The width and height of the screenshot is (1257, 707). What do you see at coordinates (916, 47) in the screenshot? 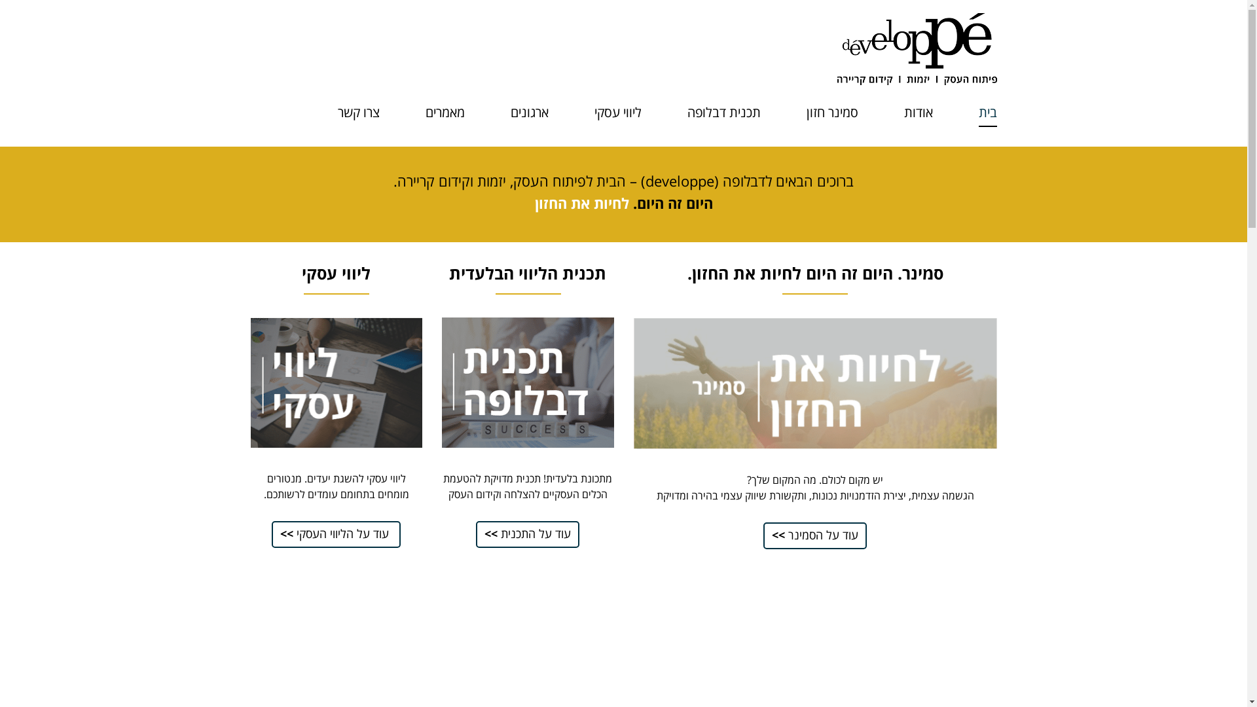
I see `'developpe'` at bounding box center [916, 47].